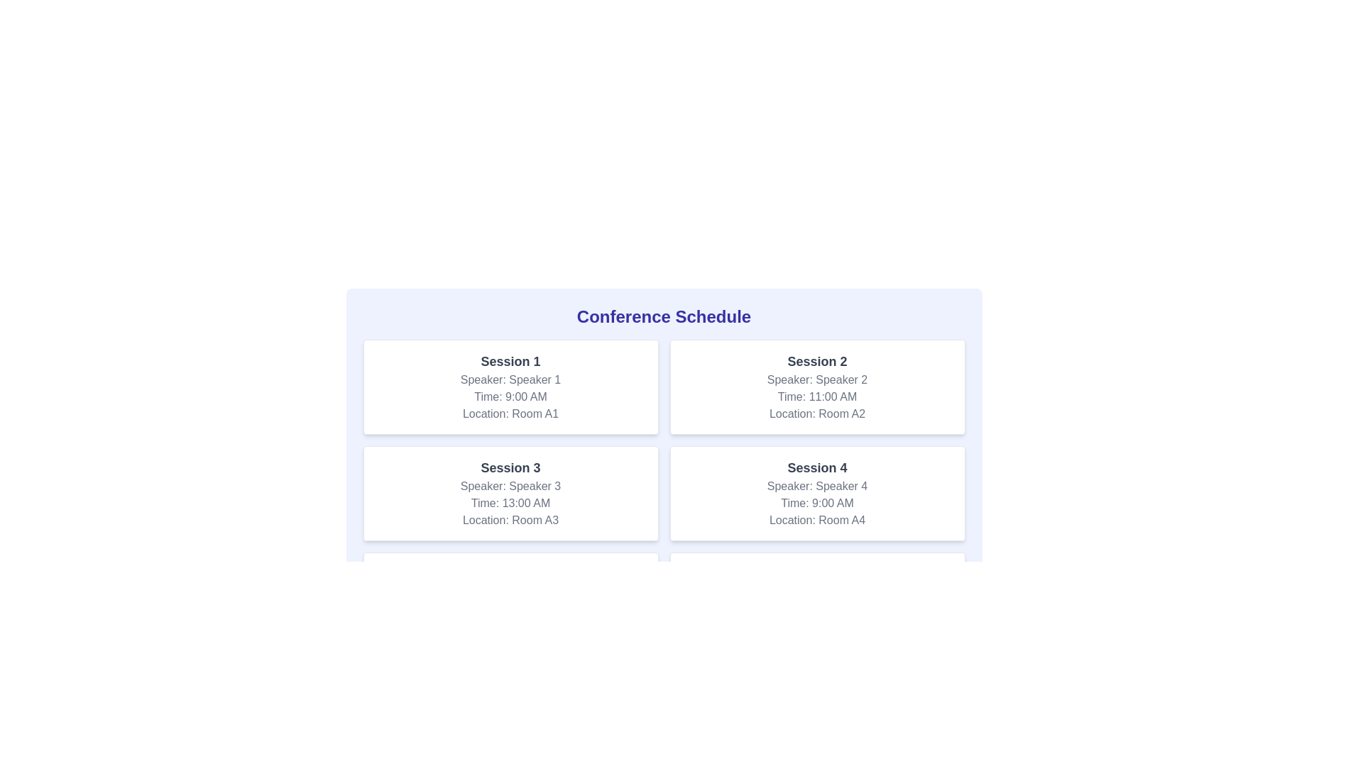  Describe the element at coordinates (510, 379) in the screenshot. I see `the Text Display element that provides information about the speaker for a specific session of the conference, which is positioned underneath 'Session 1' and above 'Time: 9:00 AM'` at that location.